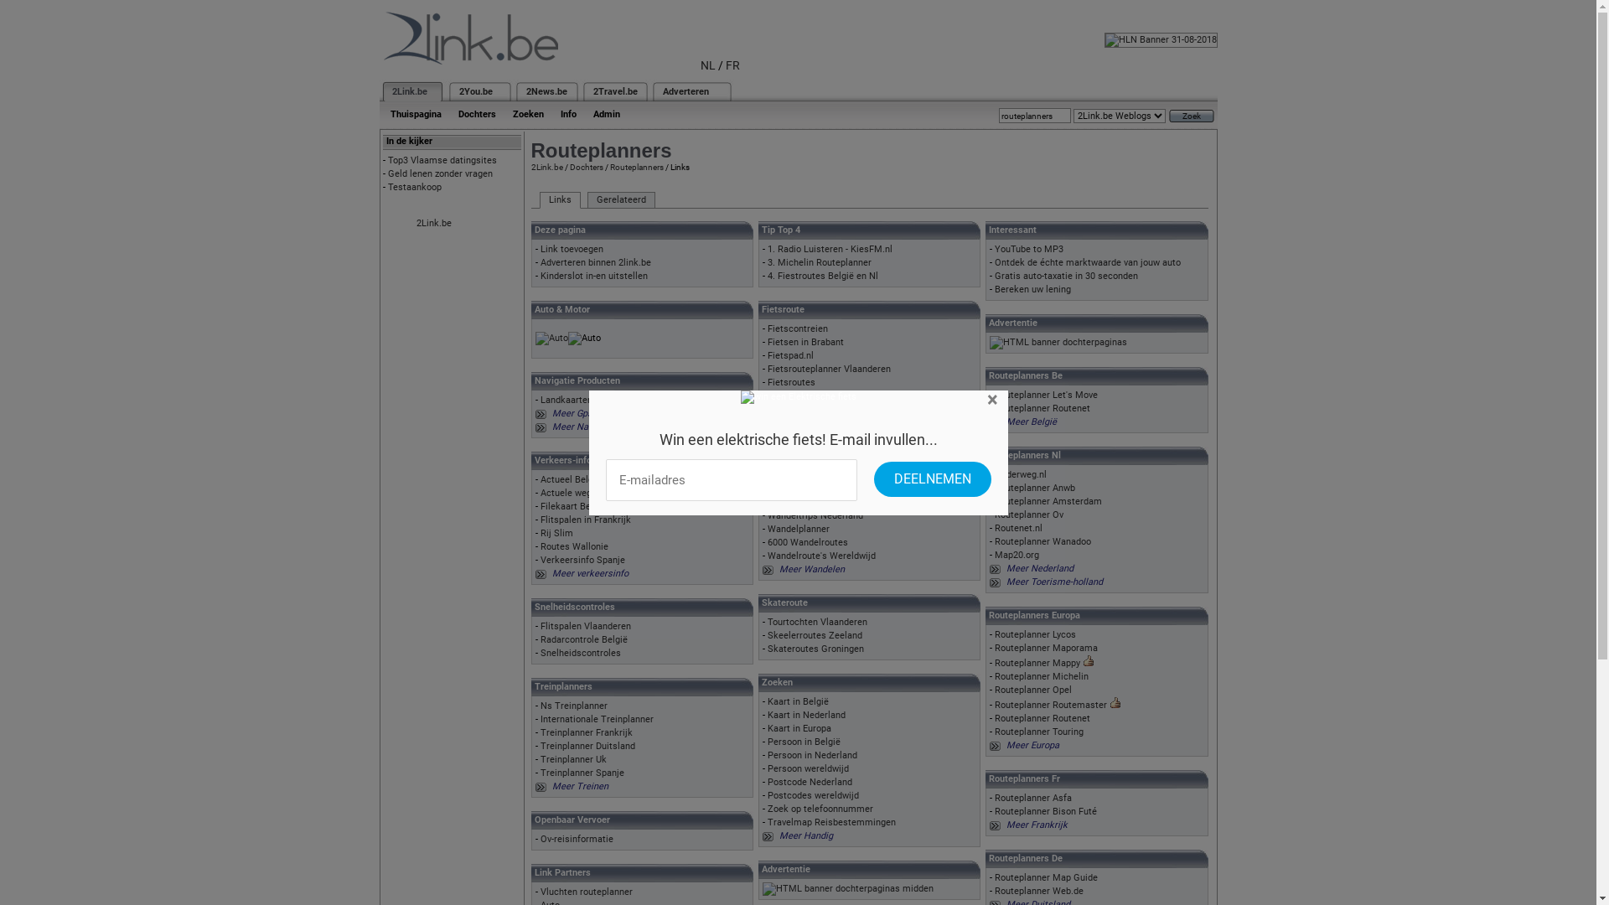 This screenshot has height=905, width=1609. Describe the element at coordinates (571, 413) in the screenshot. I see `'Meer Gps'` at that location.